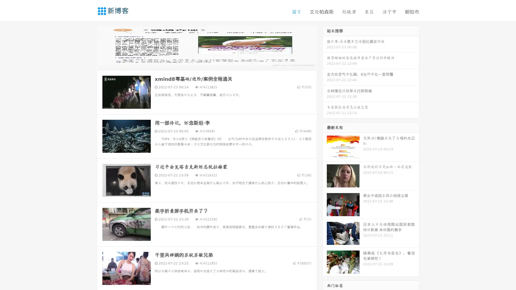 This screenshot has height=290, width=516. Describe the element at coordinates (212, 60) in the screenshot. I see `Go to slide 3` at that location.